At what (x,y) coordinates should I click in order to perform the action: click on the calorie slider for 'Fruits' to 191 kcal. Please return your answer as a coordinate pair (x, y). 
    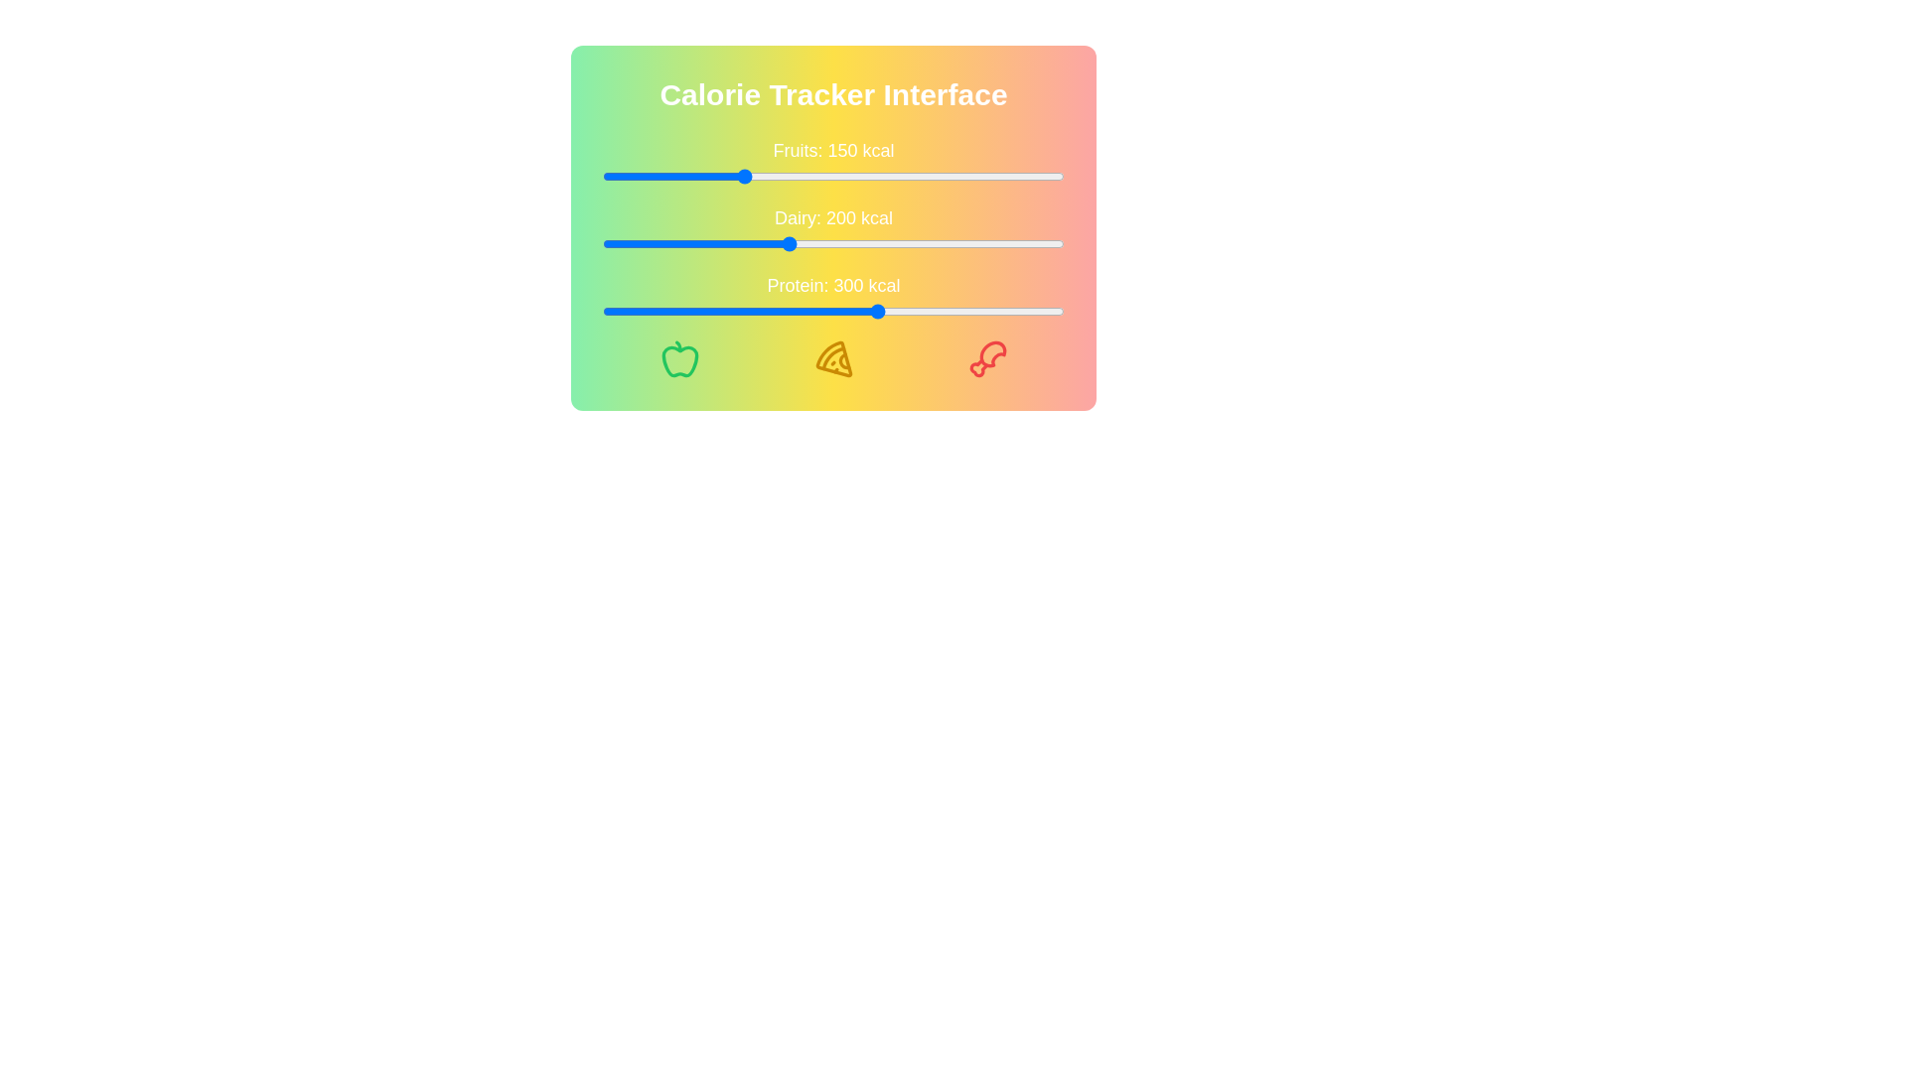
    Looking at the image, I should click on (778, 175).